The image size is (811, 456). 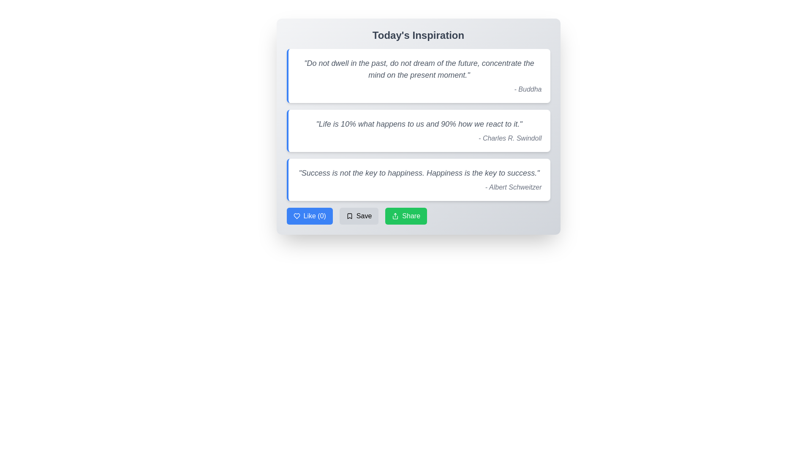 What do you see at coordinates (406, 216) in the screenshot?
I see `the 'Share' button with a green background and white text using keyboard navigation` at bounding box center [406, 216].